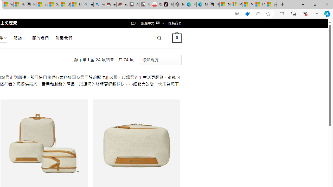  Describe the element at coordinates (236, 14) in the screenshot. I see `'Show translate options'` at that location.